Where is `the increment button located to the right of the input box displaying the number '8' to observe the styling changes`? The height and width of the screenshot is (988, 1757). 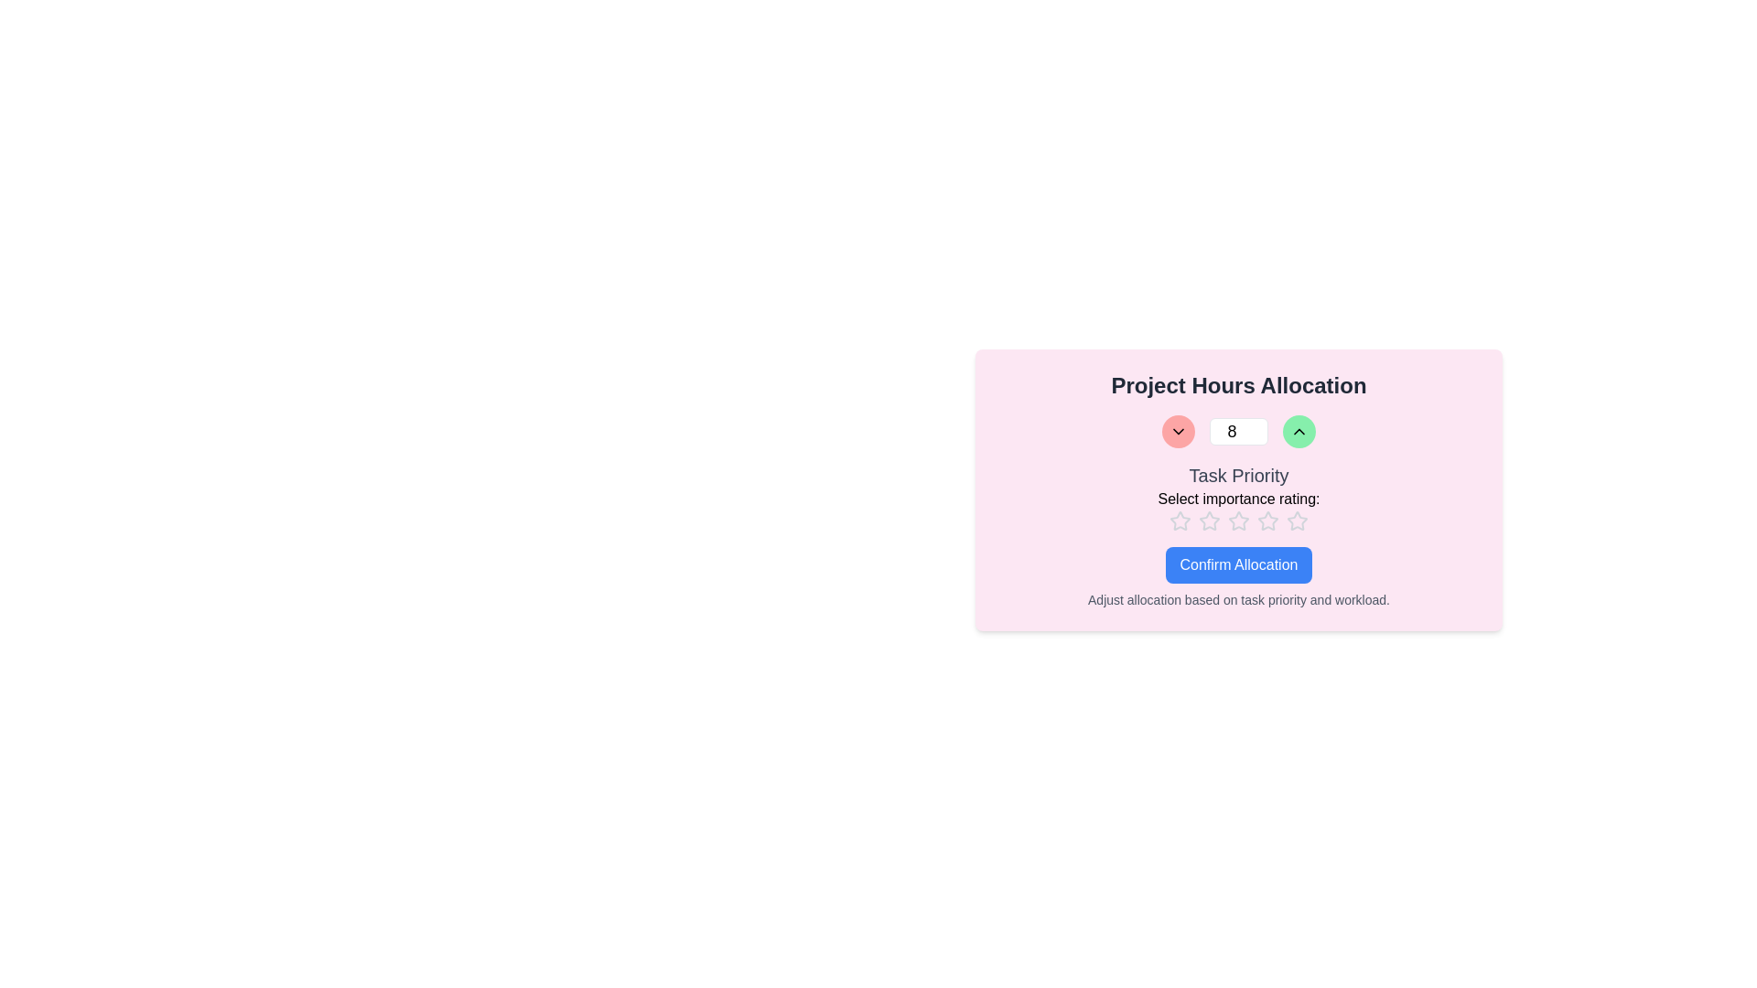
the increment button located to the right of the input box displaying the number '8' to observe the styling changes is located at coordinates (1299, 431).